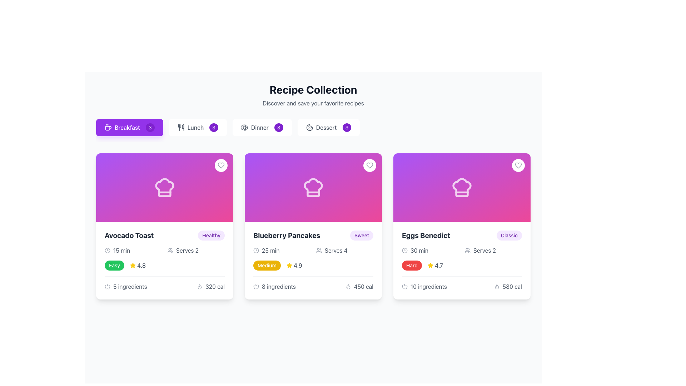 The height and width of the screenshot is (386, 686). What do you see at coordinates (313, 187) in the screenshot?
I see `the chef's hat icon, which is located at the top center of the card labeled 'Blueberry Pancakes' in the 'Recipe Collection' section` at bounding box center [313, 187].